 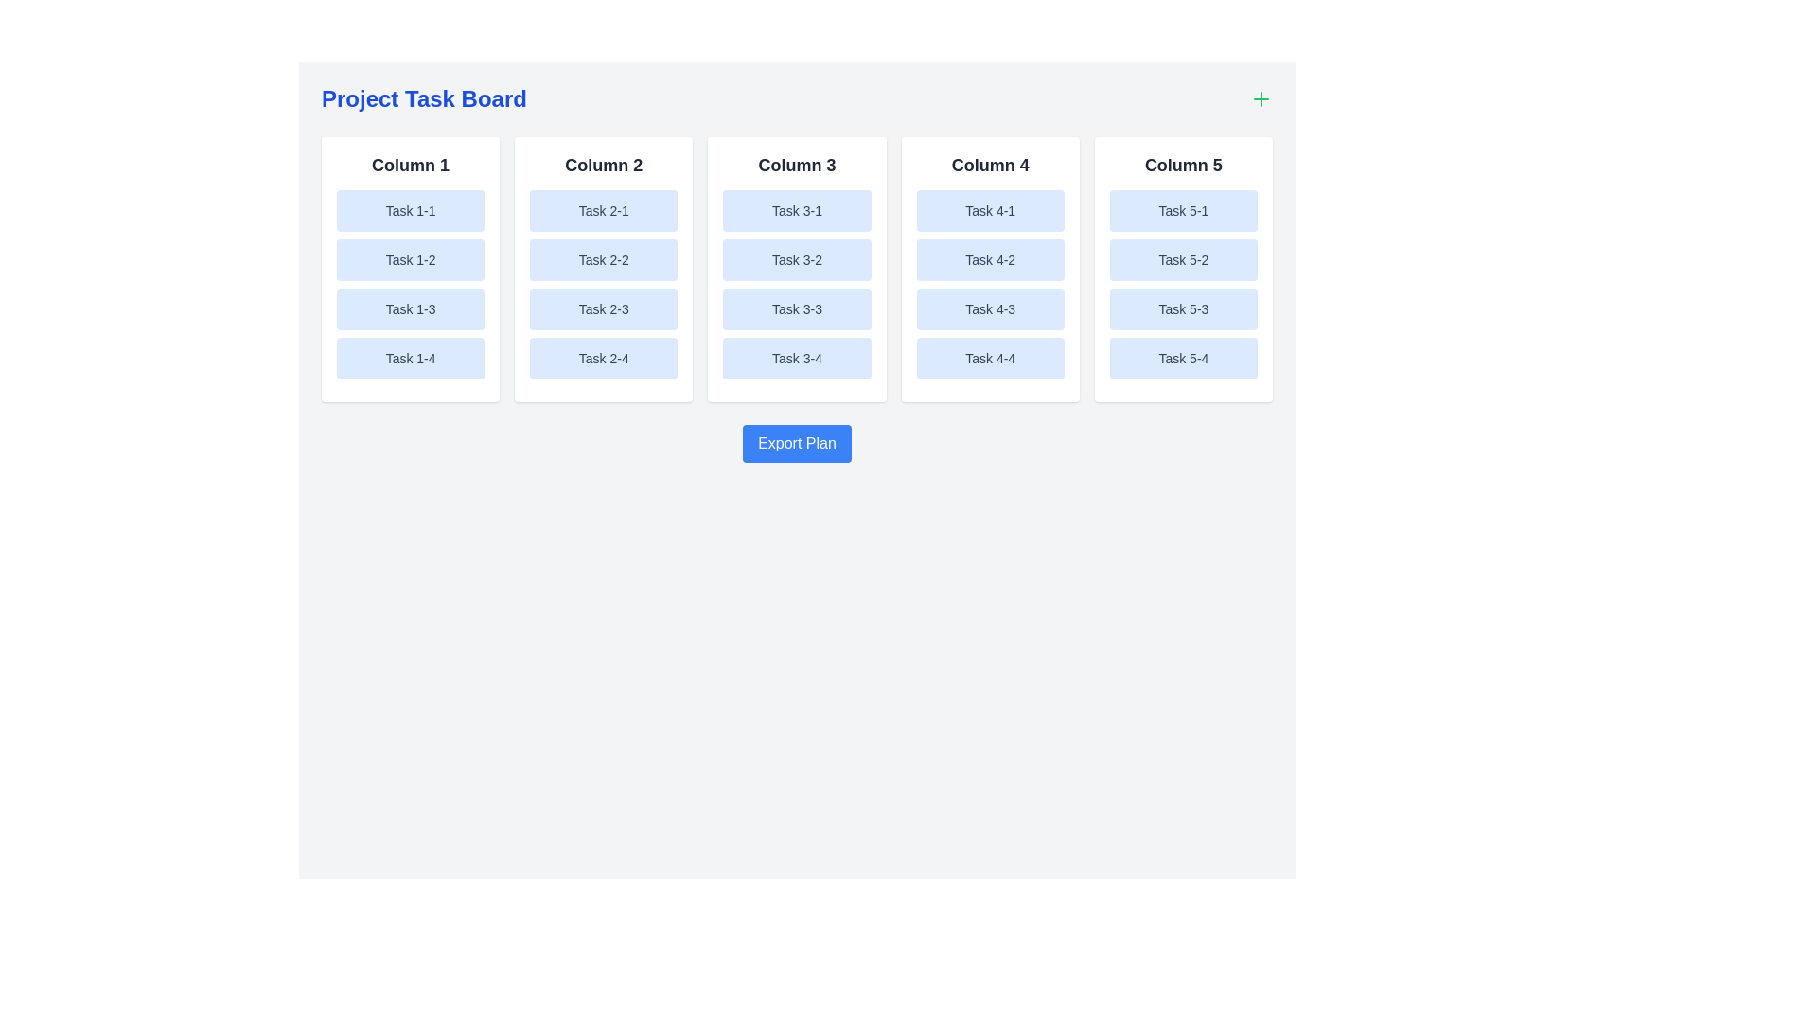 What do you see at coordinates (797, 444) in the screenshot?
I see `'Export Plan' button to export the project plan` at bounding box center [797, 444].